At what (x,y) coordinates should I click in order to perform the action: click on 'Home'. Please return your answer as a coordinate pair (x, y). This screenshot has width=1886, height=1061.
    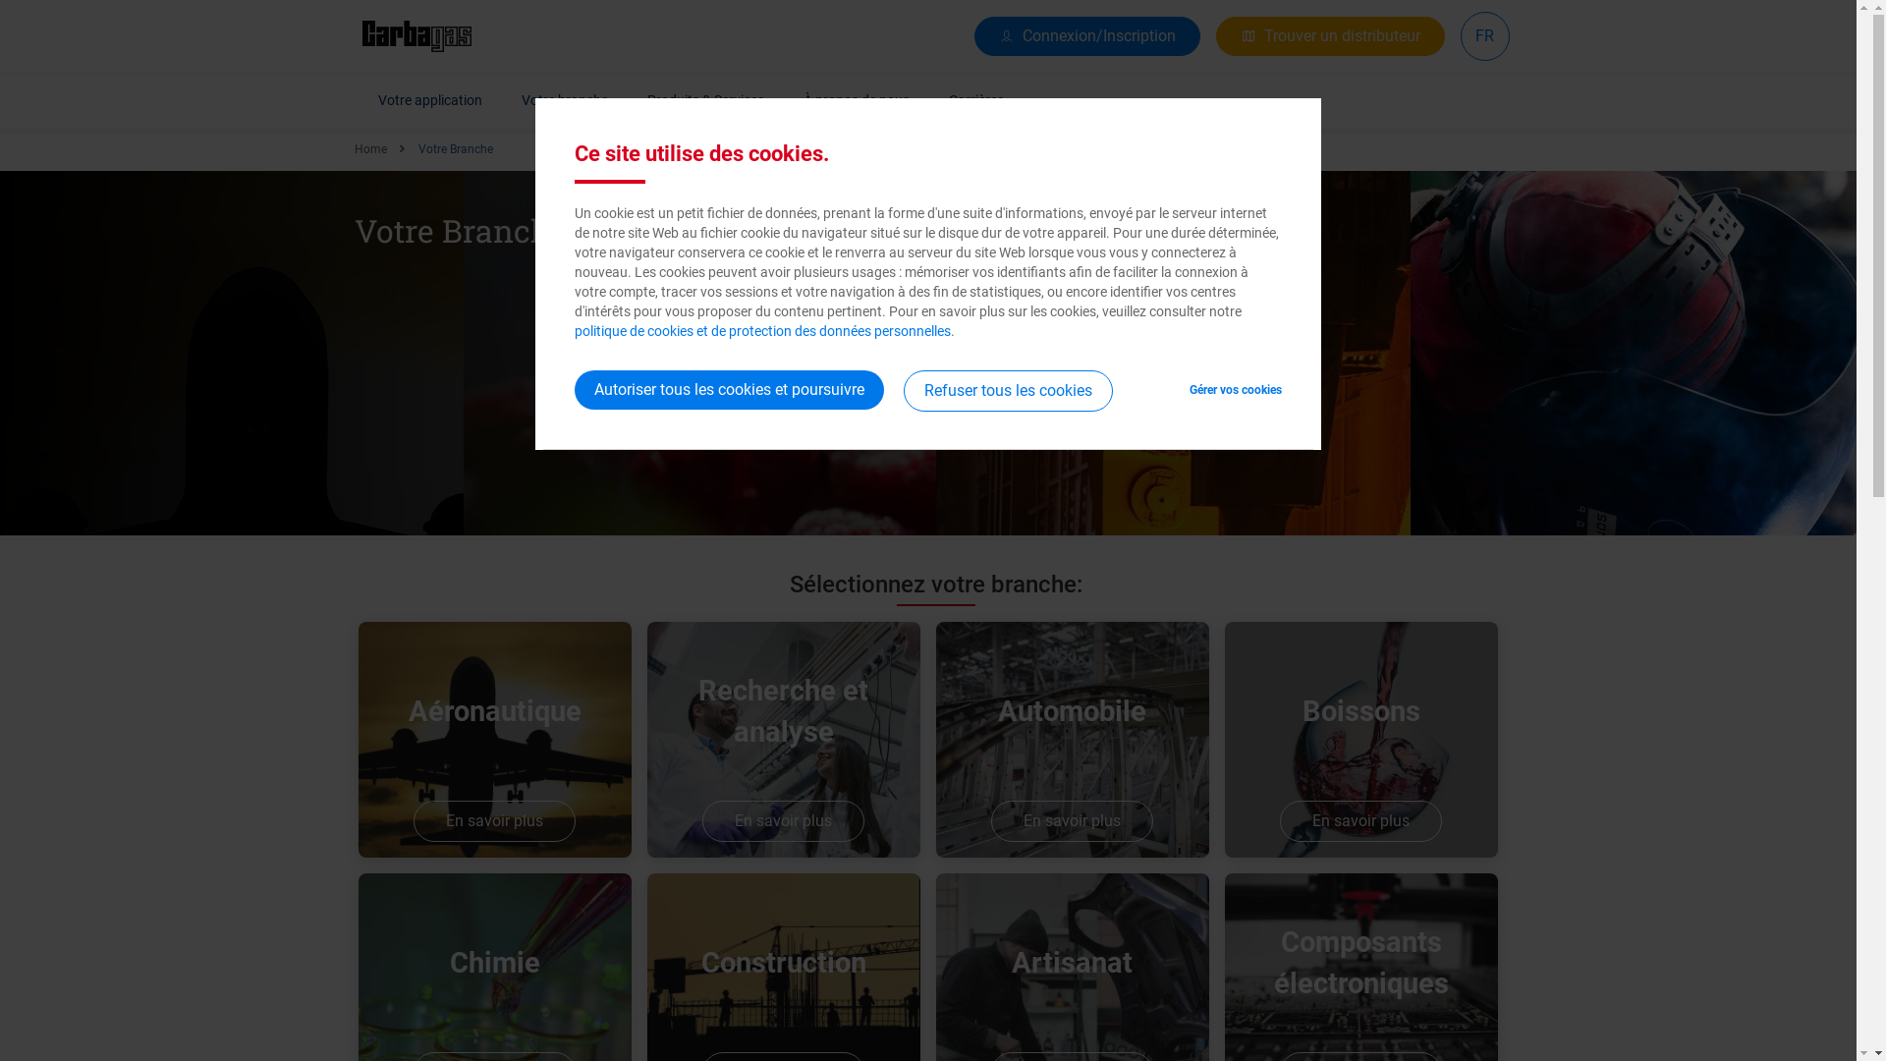
    Looking at the image, I should click on (369, 147).